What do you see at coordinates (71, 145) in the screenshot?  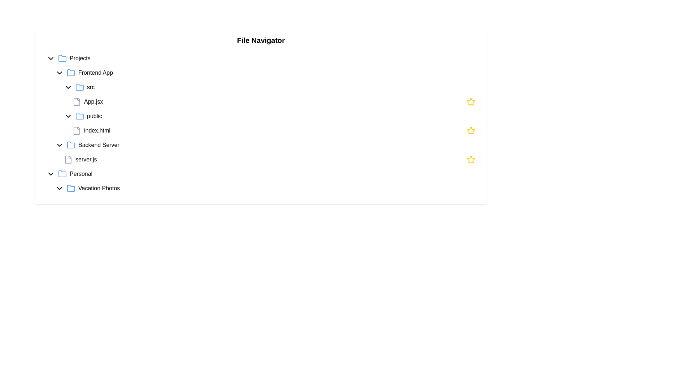 I see `the folder icon representing the 'Backend Server'` at bounding box center [71, 145].